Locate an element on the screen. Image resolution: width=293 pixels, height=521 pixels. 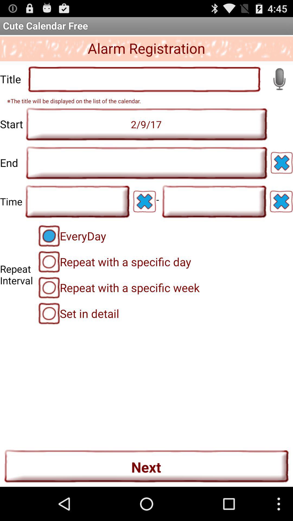
the icon above the end app is located at coordinates (146, 124).